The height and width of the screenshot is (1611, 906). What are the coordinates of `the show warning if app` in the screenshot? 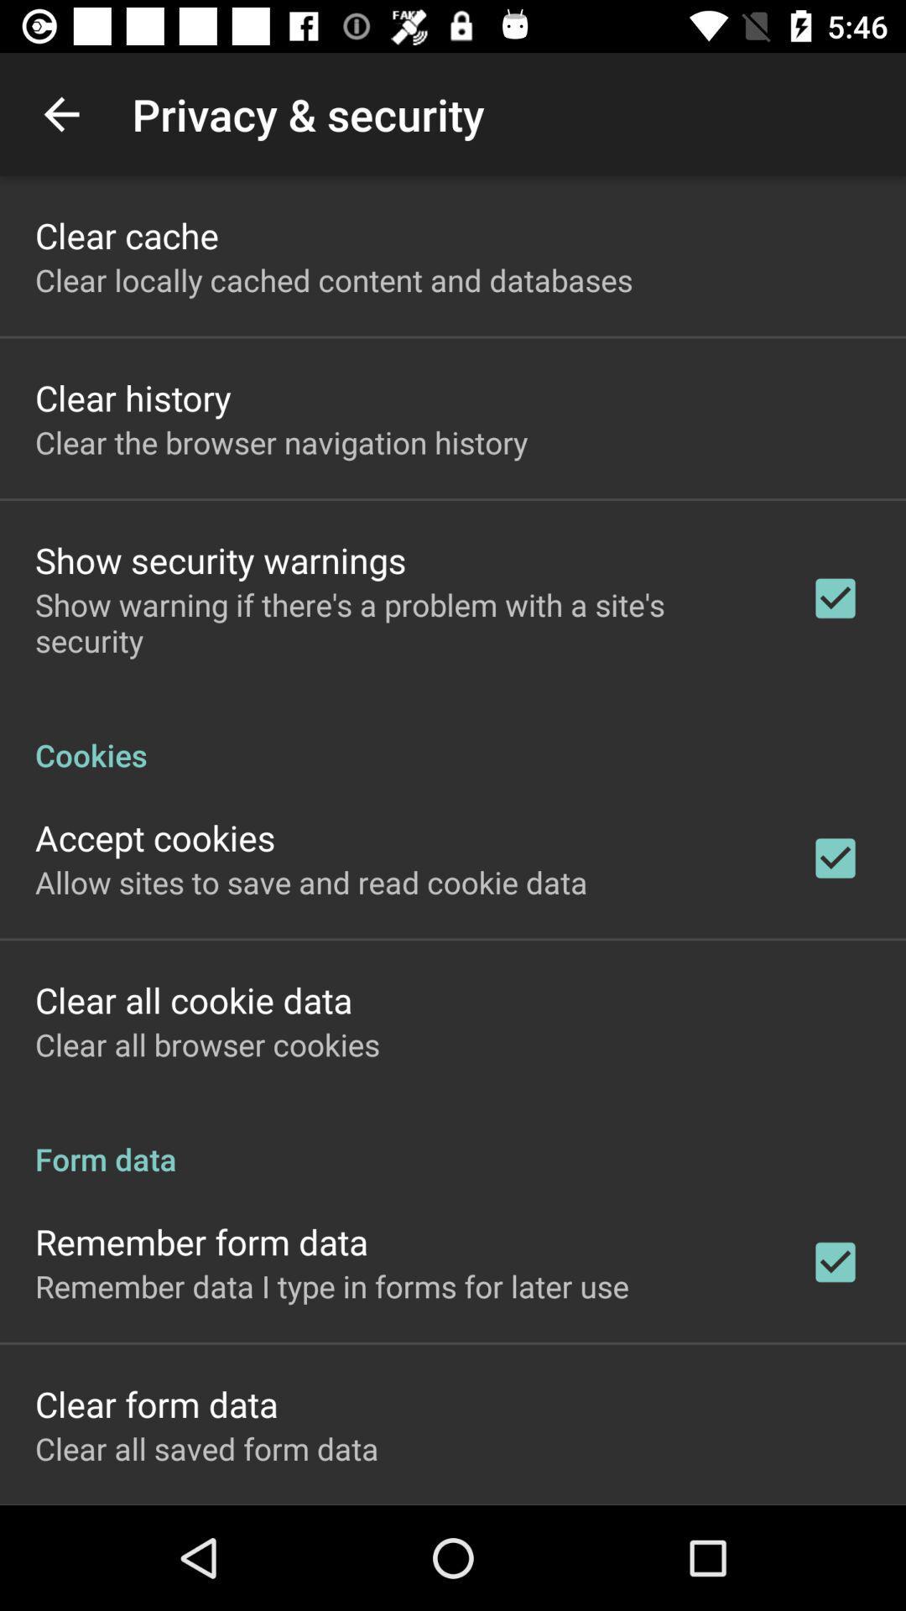 It's located at (400, 622).